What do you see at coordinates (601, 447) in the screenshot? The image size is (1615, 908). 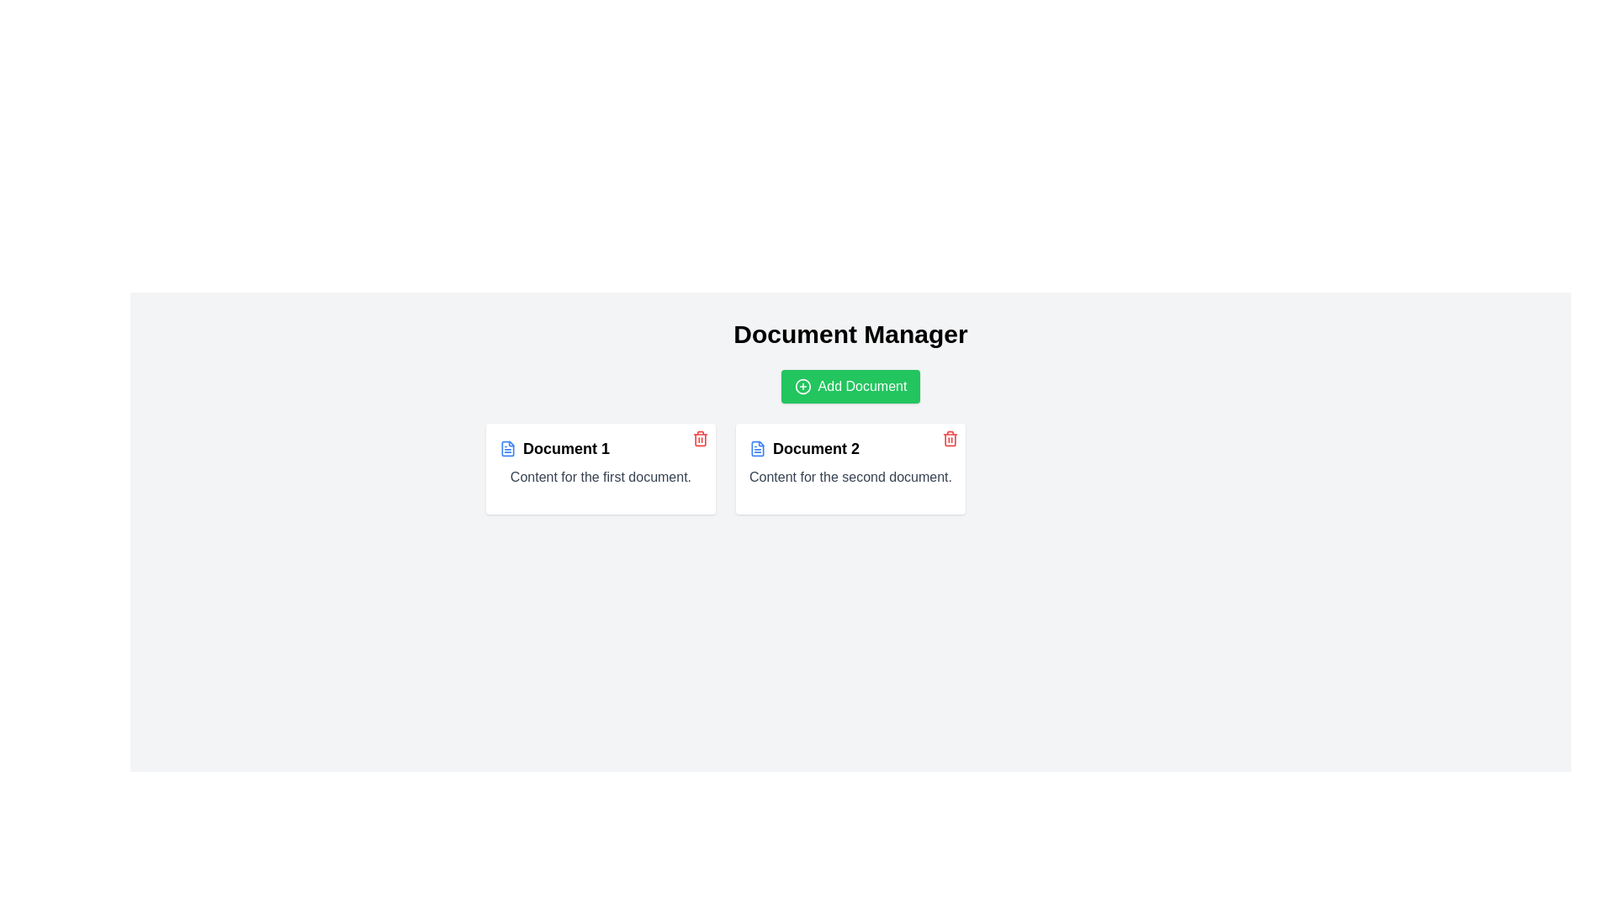 I see `the text content of the label that serves as the title for the document block` at bounding box center [601, 447].